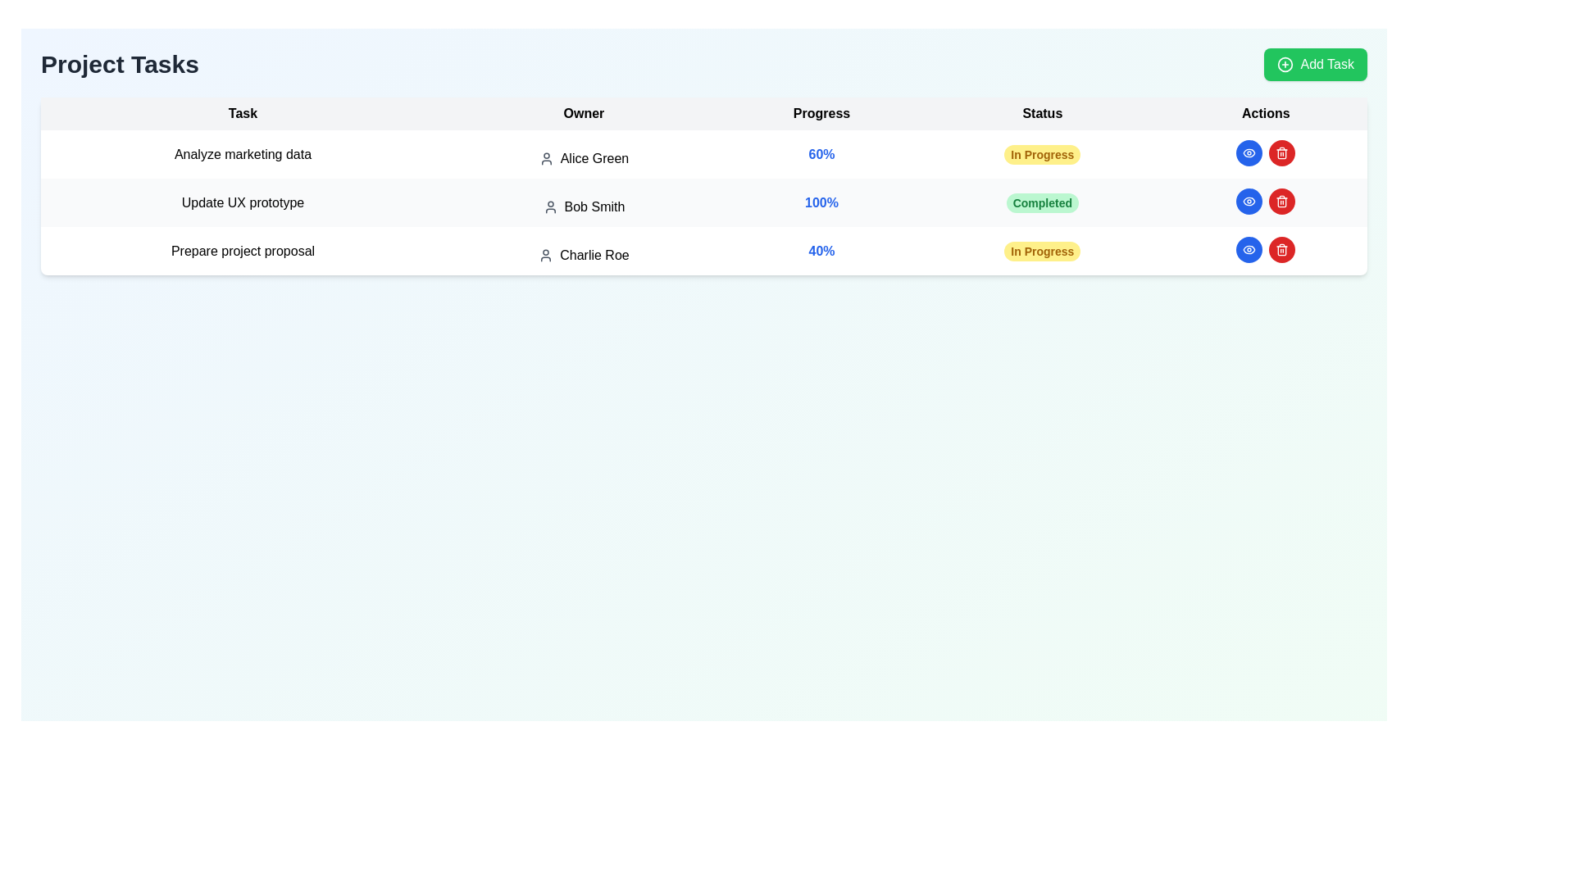  What do you see at coordinates (583, 206) in the screenshot?
I see `the text element displaying 'Bob Smith', which is accompanied by a user profile icon, located in the second row of the table under the 'Owner' column` at bounding box center [583, 206].